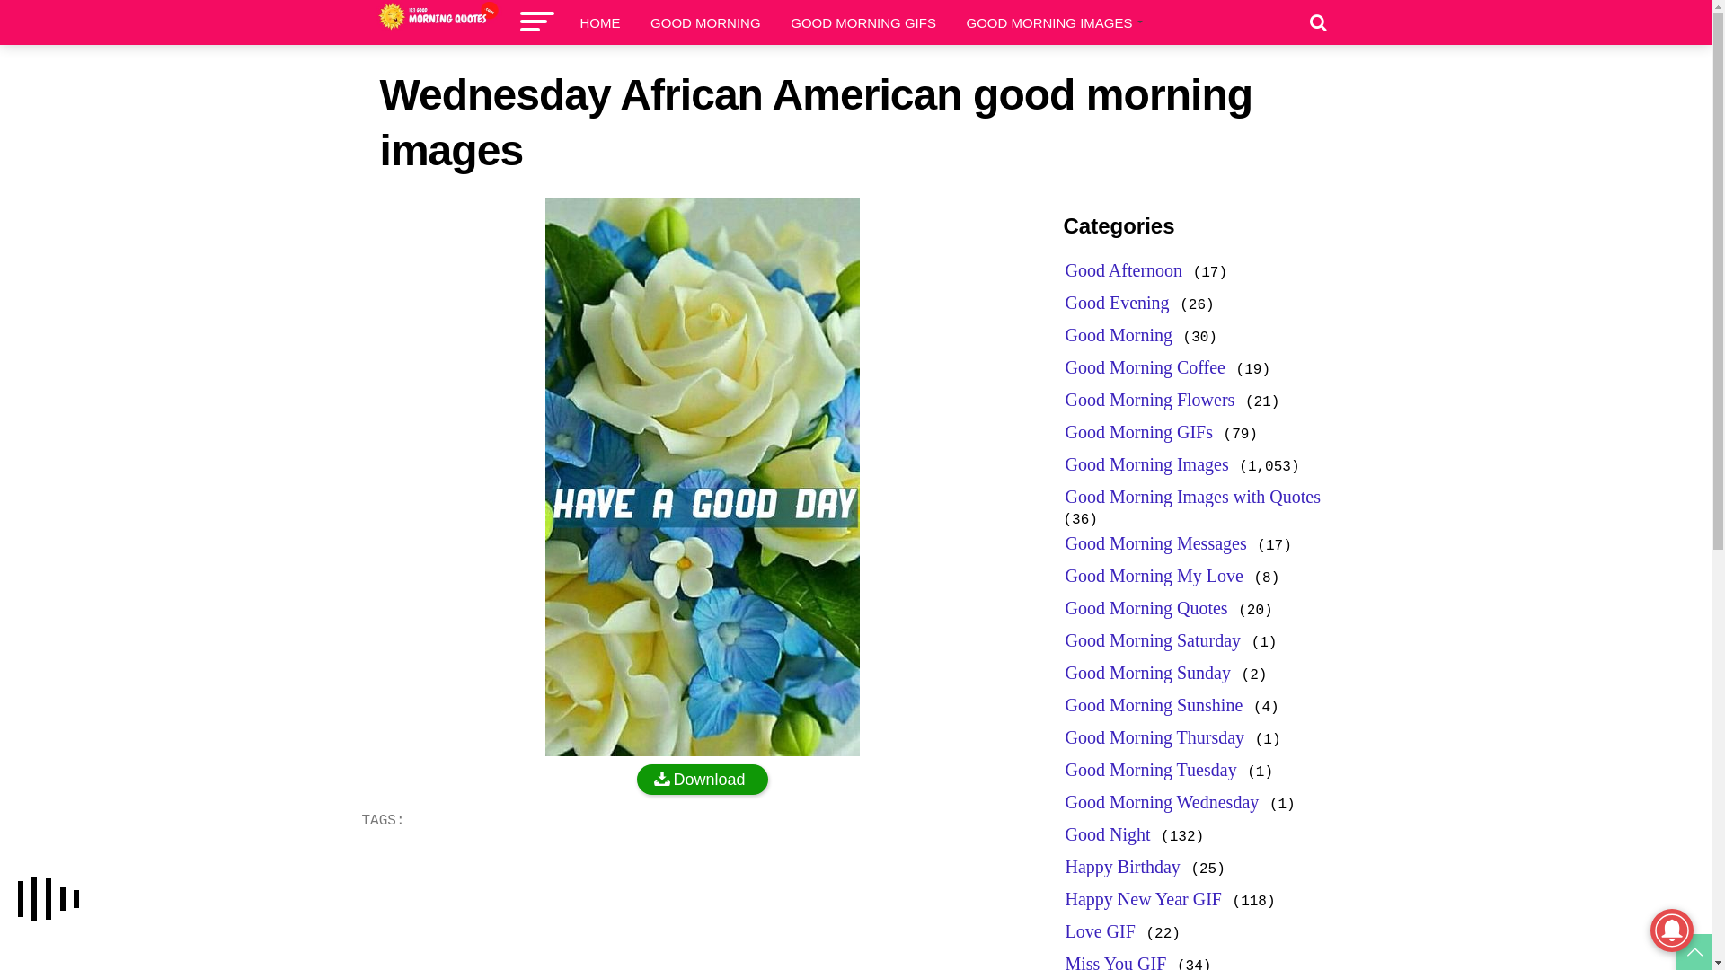 The image size is (1725, 970). What do you see at coordinates (1146, 463) in the screenshot?
I see `'Good Morning Images'` at bounding box center [1146, 463].